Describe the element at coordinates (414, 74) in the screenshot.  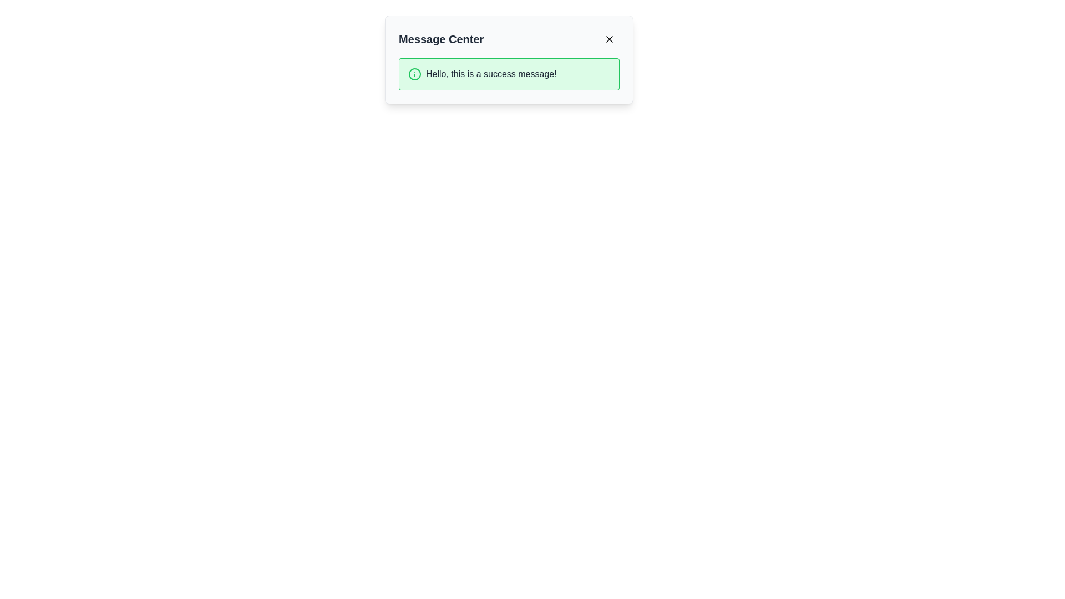
I see `the leftmost circle in the green-highlighted notification message box that signifies a successful message` at that location.